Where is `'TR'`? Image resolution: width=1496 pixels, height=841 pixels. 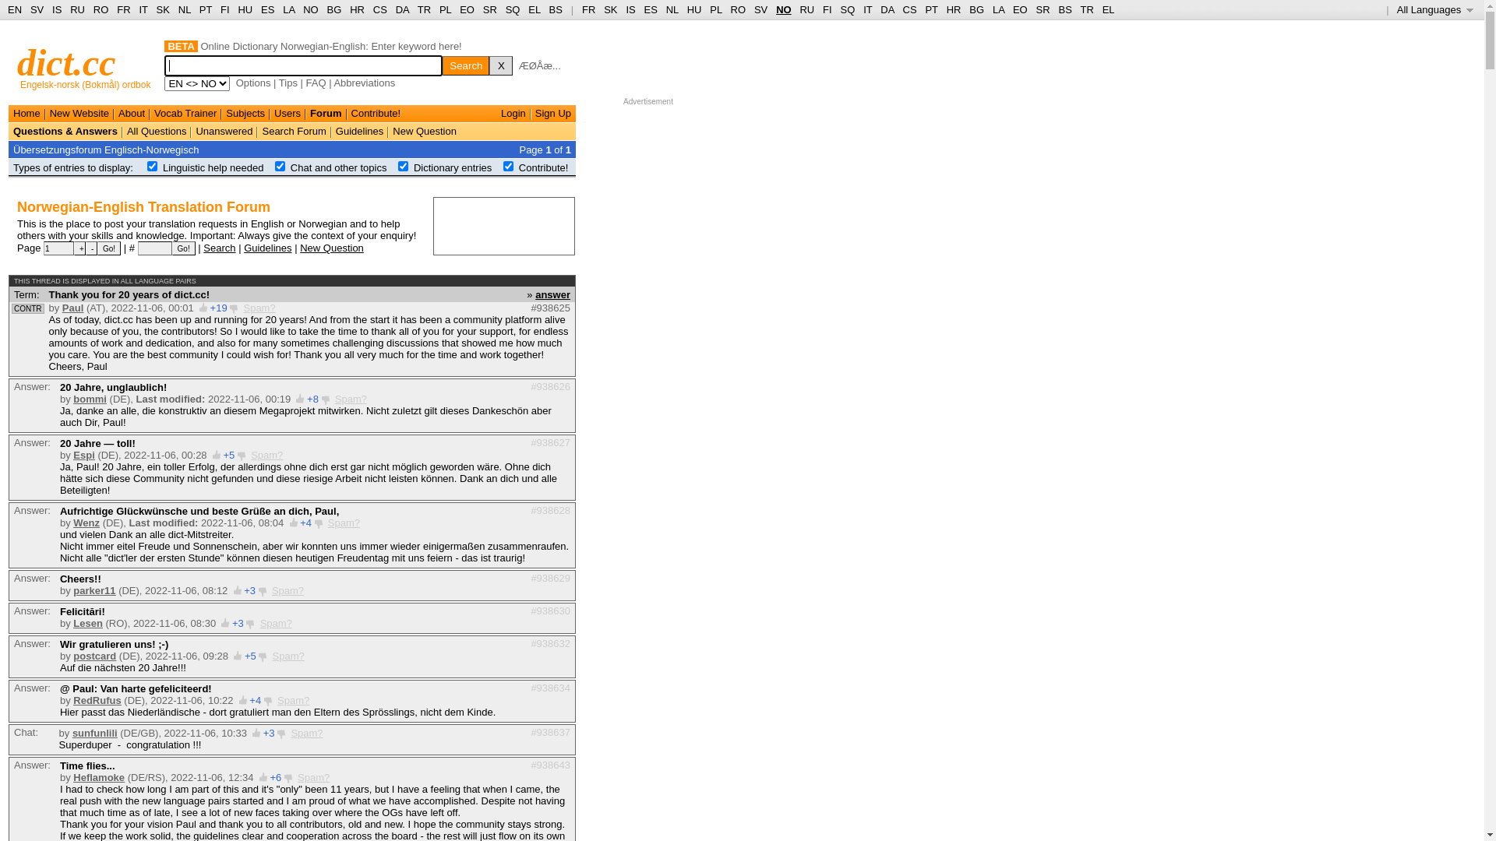 'TR' is located at coordinates (424, 9).